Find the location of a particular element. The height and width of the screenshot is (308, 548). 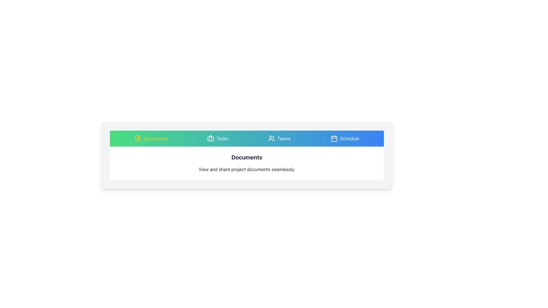

the 'Schedule' button, which is the fourth item in the horizontal navigation bar, styled with white text on a blue background and accompanied by a calendar icon is located at coordinates (345, 139).